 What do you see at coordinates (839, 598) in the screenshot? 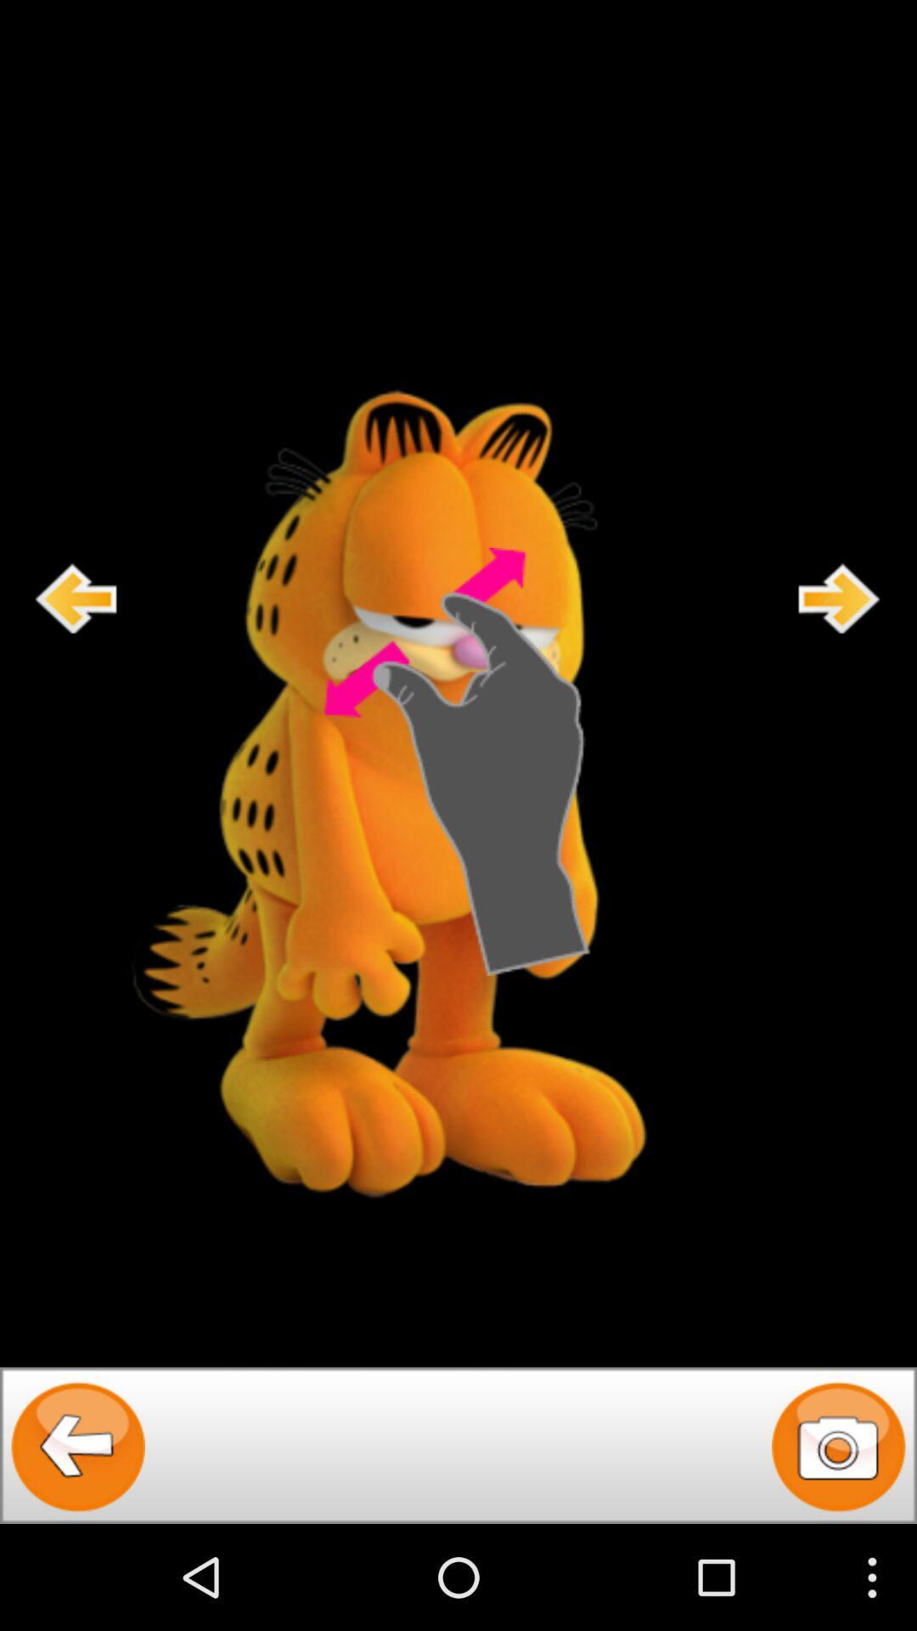
I see `next image` at bounding box center [839, 598].